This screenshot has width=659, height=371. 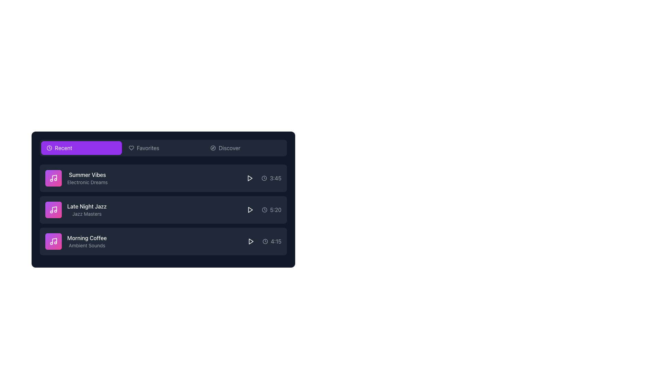 What do you see at coordinates (250, 241) in the screenshot?
I see `the play button icon located in the rightmost section of the third row of music tracks` at bounding box center [250, 241].